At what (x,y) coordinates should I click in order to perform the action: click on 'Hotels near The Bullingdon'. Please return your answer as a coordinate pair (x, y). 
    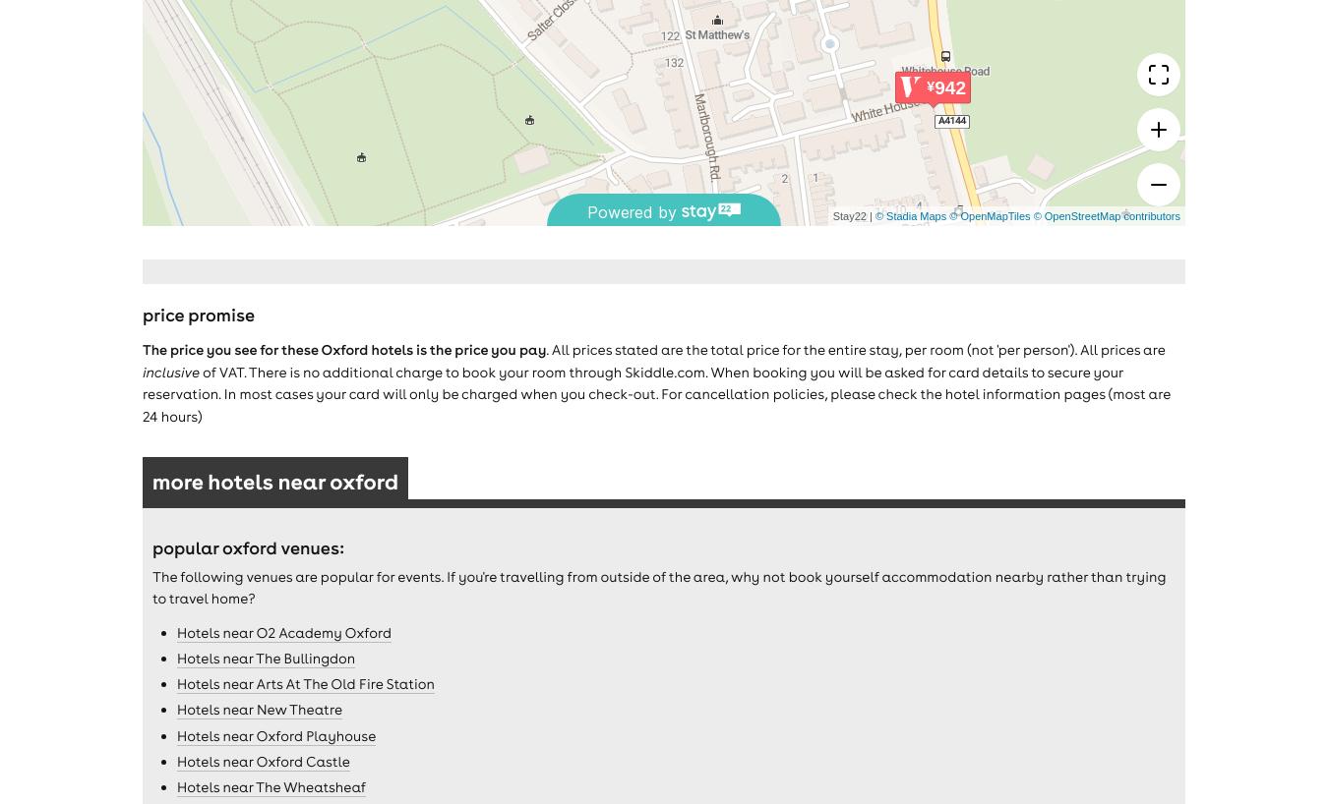
    Looking at the image, I should click on (265, 657).